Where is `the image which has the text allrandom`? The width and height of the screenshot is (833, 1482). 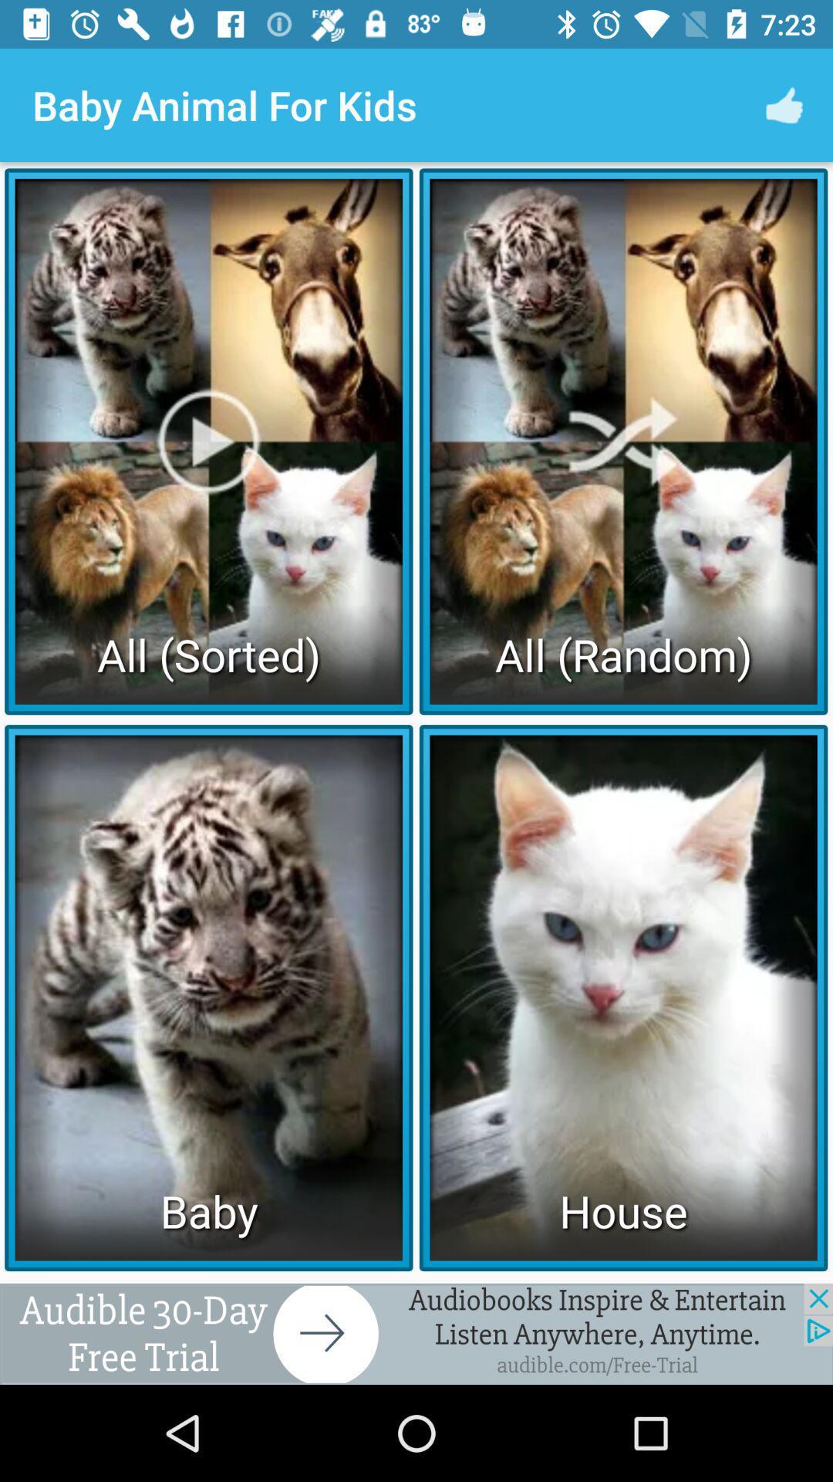 the image which has the text allrandom is located at coordinates (622, 440).